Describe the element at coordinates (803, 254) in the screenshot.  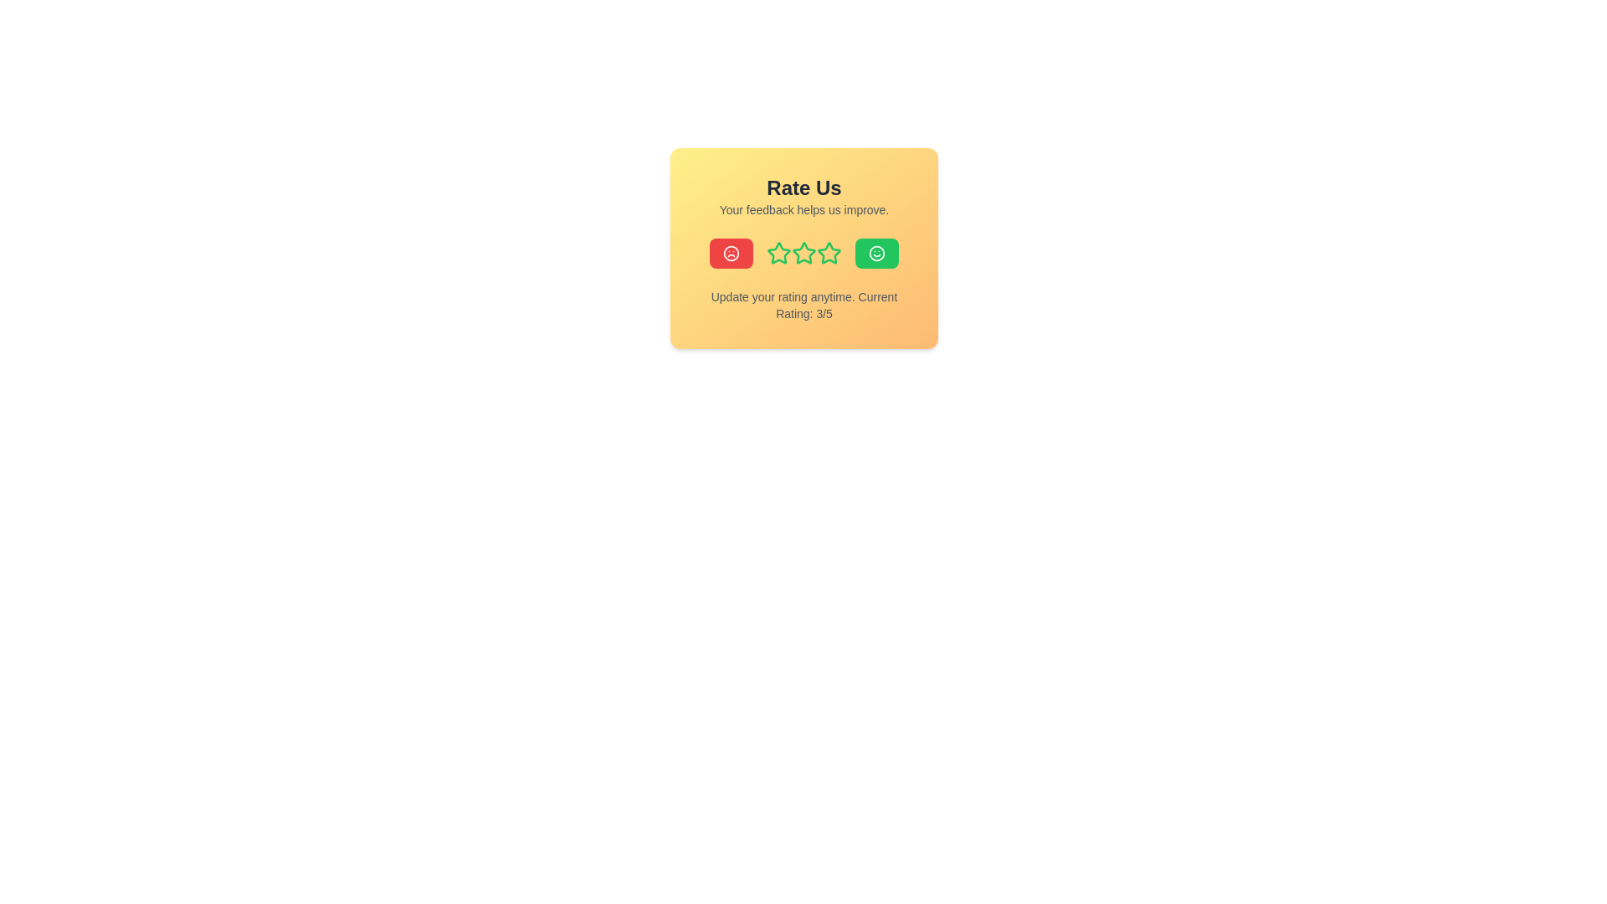
I see `the green-colored star icon in the rating options section of the 'Rate Us' interface` at that location.